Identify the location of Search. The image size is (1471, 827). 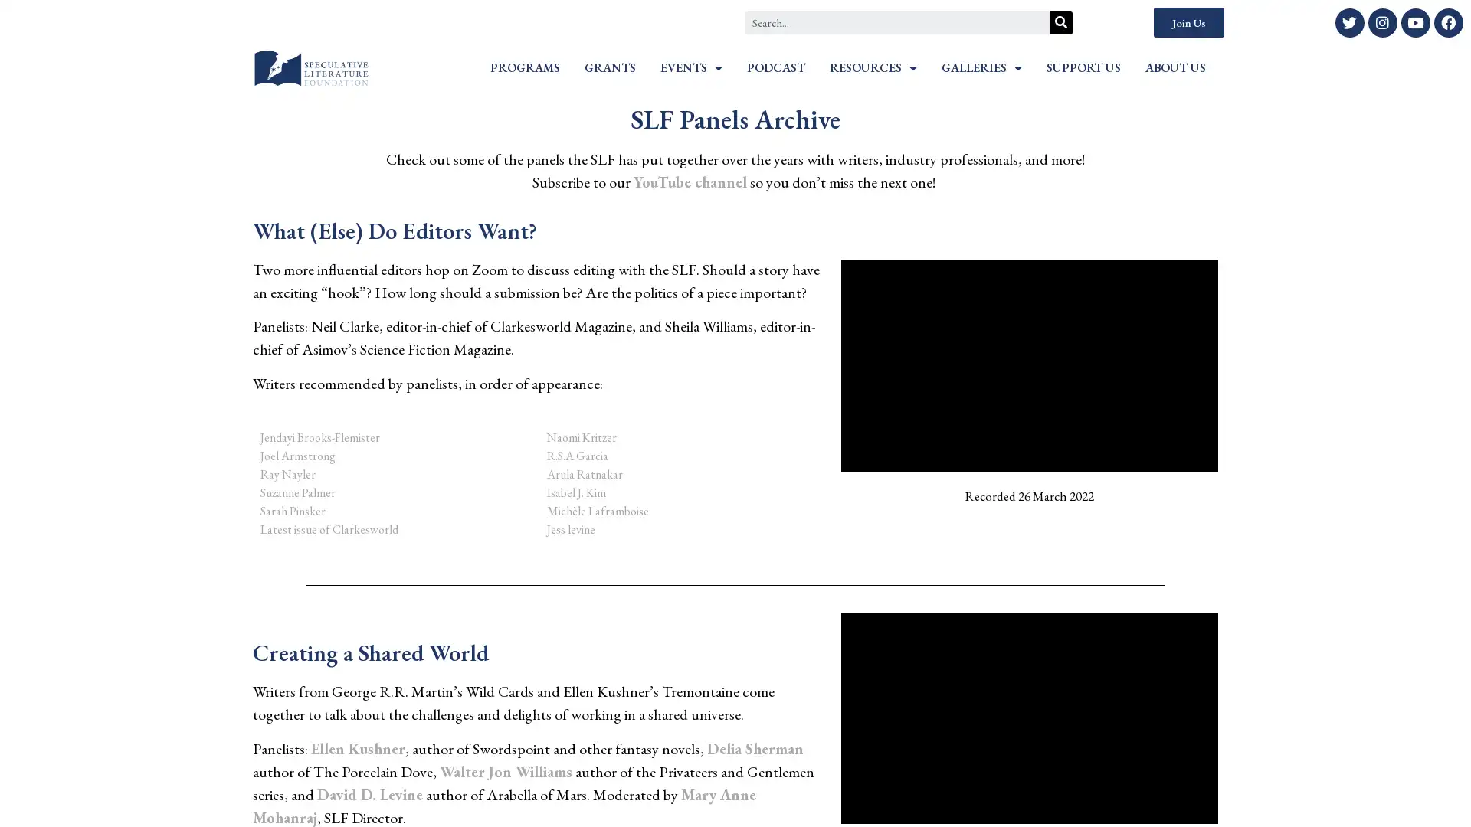
(1060, 22).